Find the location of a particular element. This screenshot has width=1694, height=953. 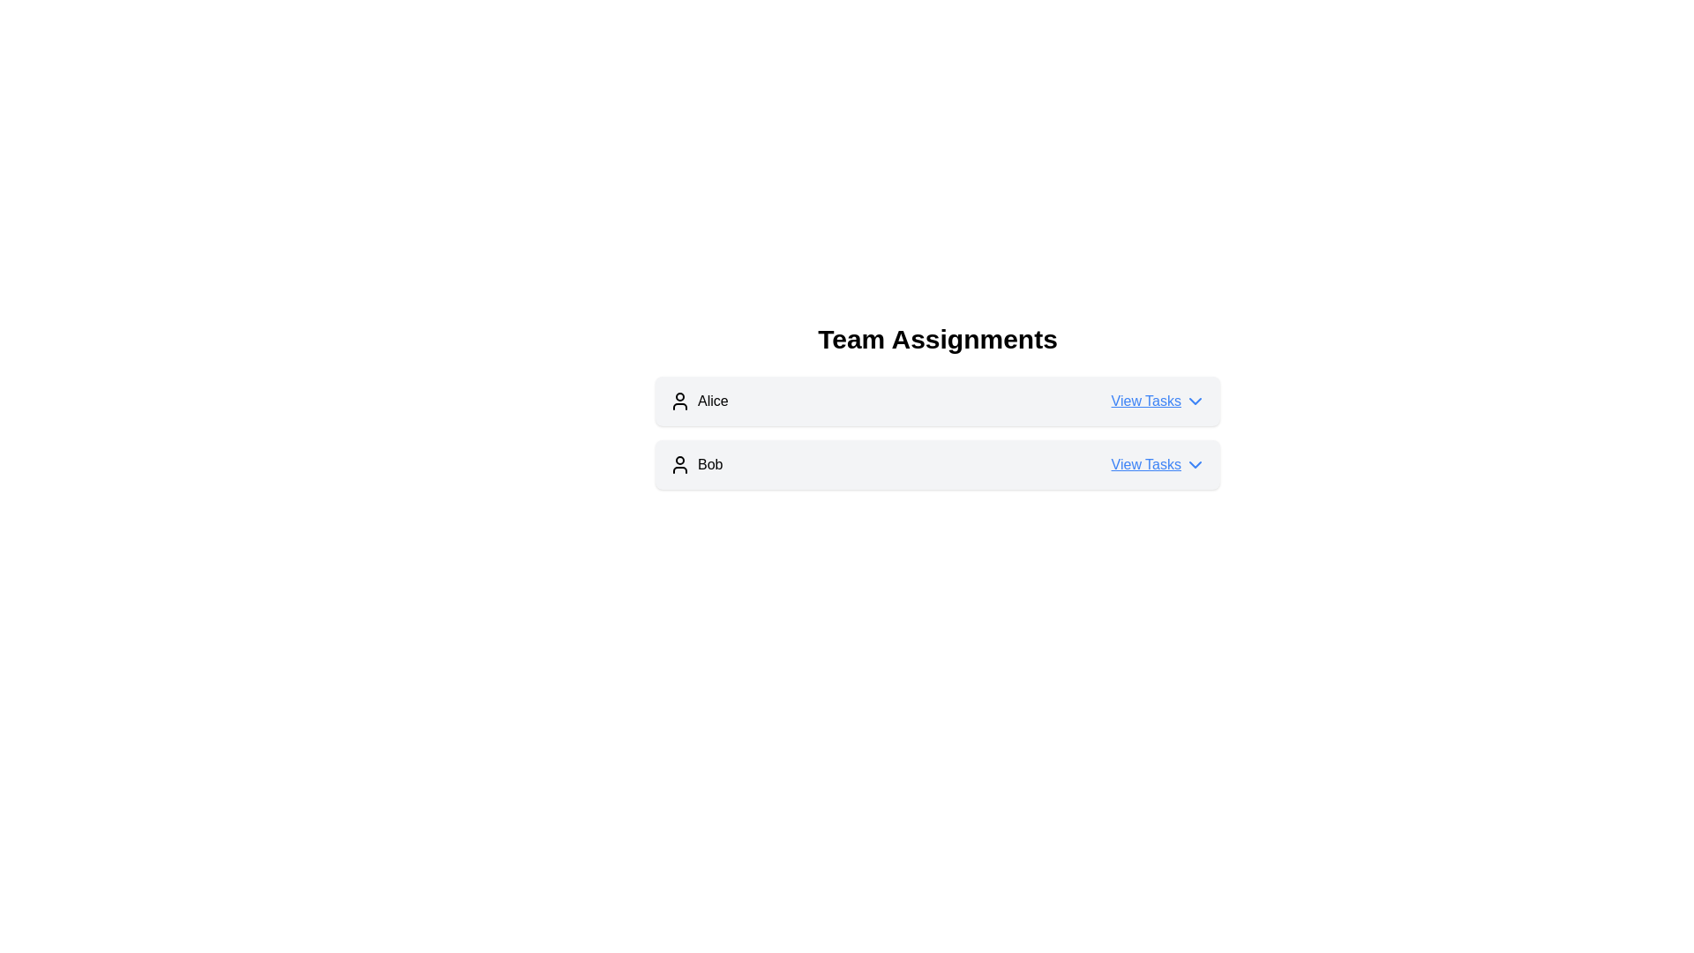

the user profile icon located to the left of the text label 'Bob', which serves as a visual identifier for the user is located at coordinates (679, 464).